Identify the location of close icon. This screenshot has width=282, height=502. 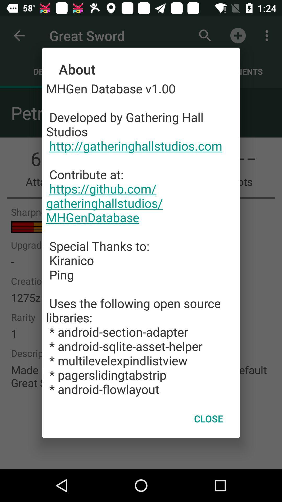
(208, 419).